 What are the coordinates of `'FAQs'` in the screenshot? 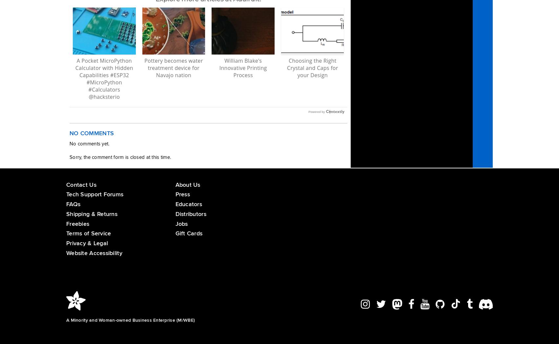 It's located at (66, 204).